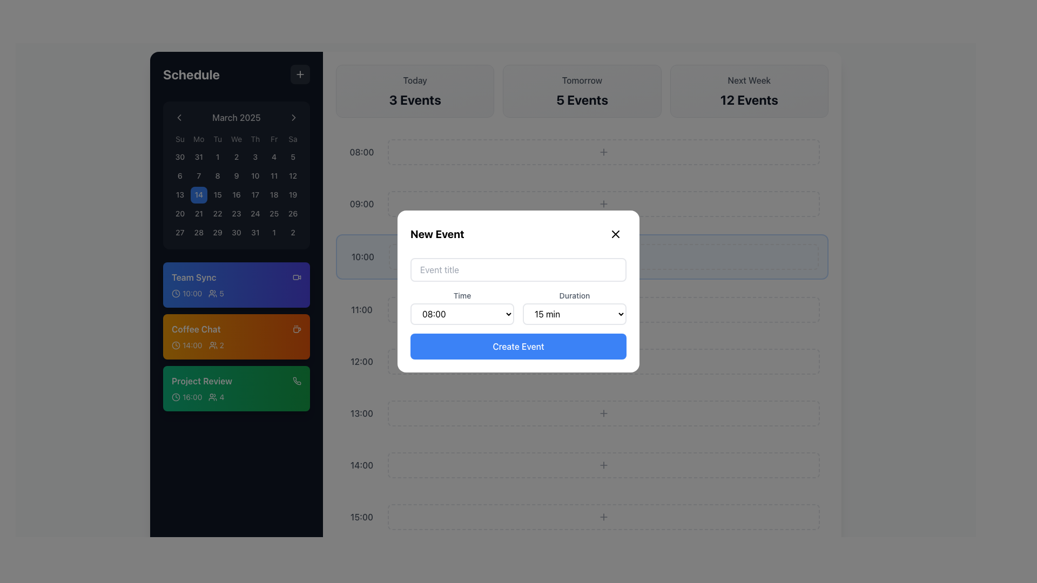 This screenshot has width=1037, height=583. Describe the element at coordinates (235, 118) in the screenshot. I see `the Text label displaying the currently selected month and year in the calendar view, located at the top section of the calendar widget, centered between the navigational arrow icons` at that location.